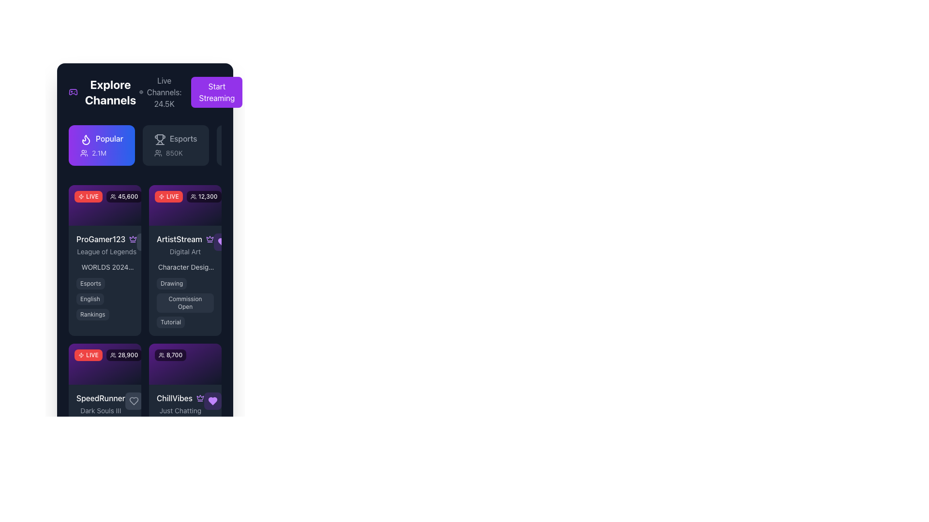  Describe the element at coordinates (86, 140) in the screenshot. I see `the minimalist flame icon located to the left of the 'Popular' label and above the '2.1M views' indicator` at that location.